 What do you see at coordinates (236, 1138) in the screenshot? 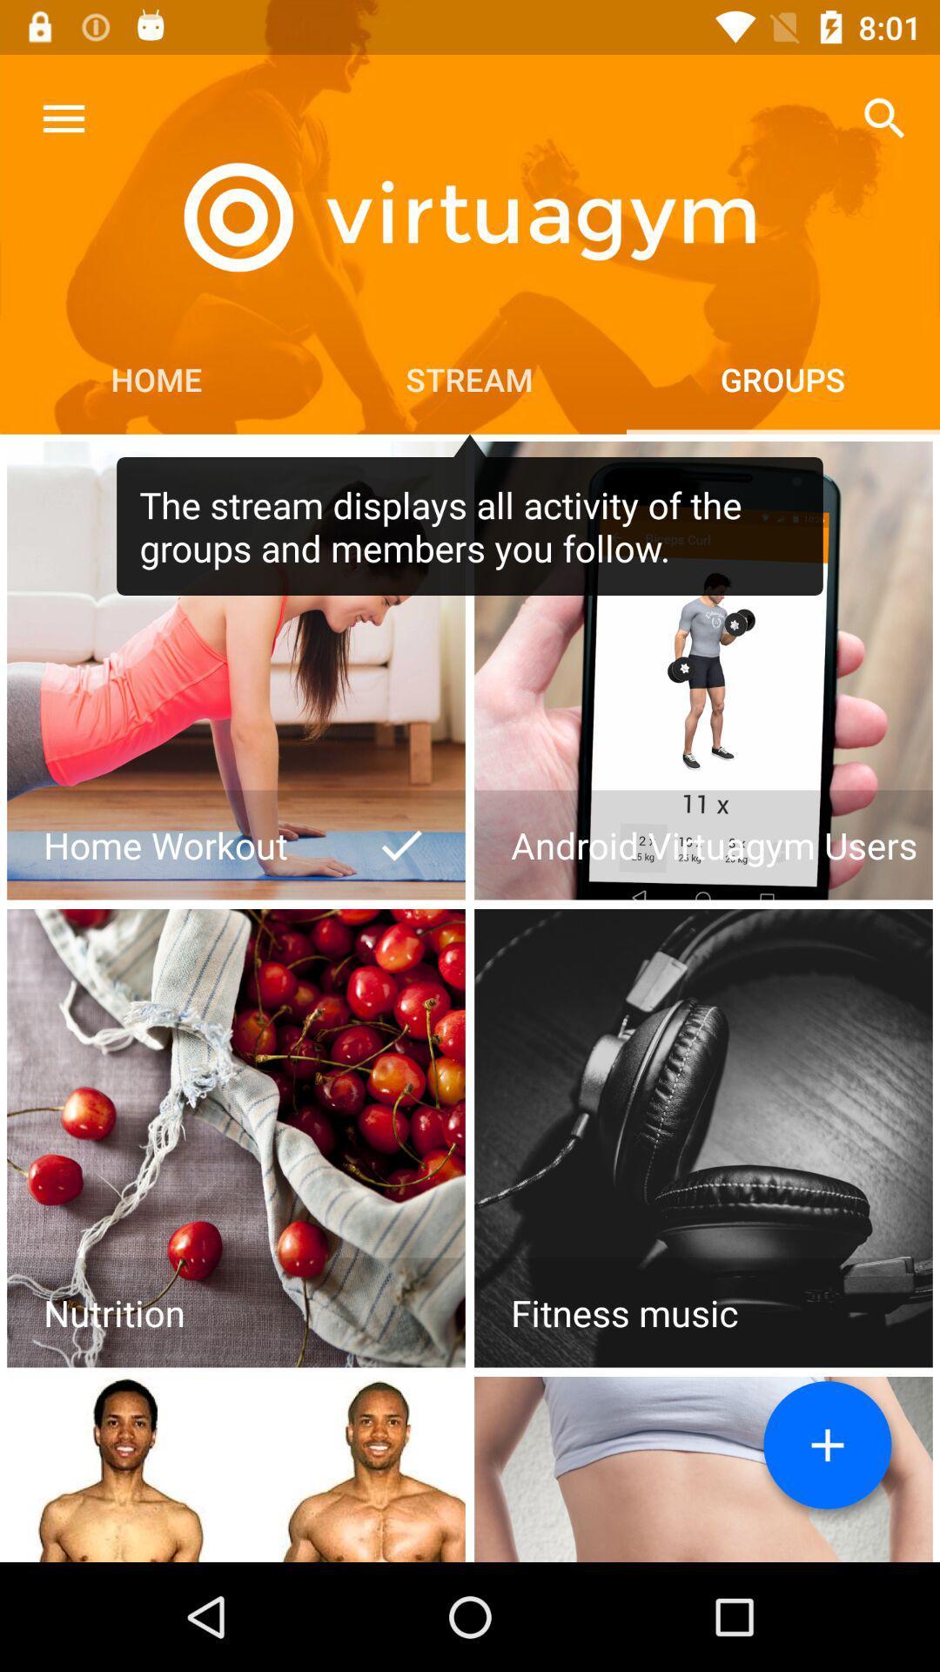
I see `open page` at bounding box center [236, 1138].